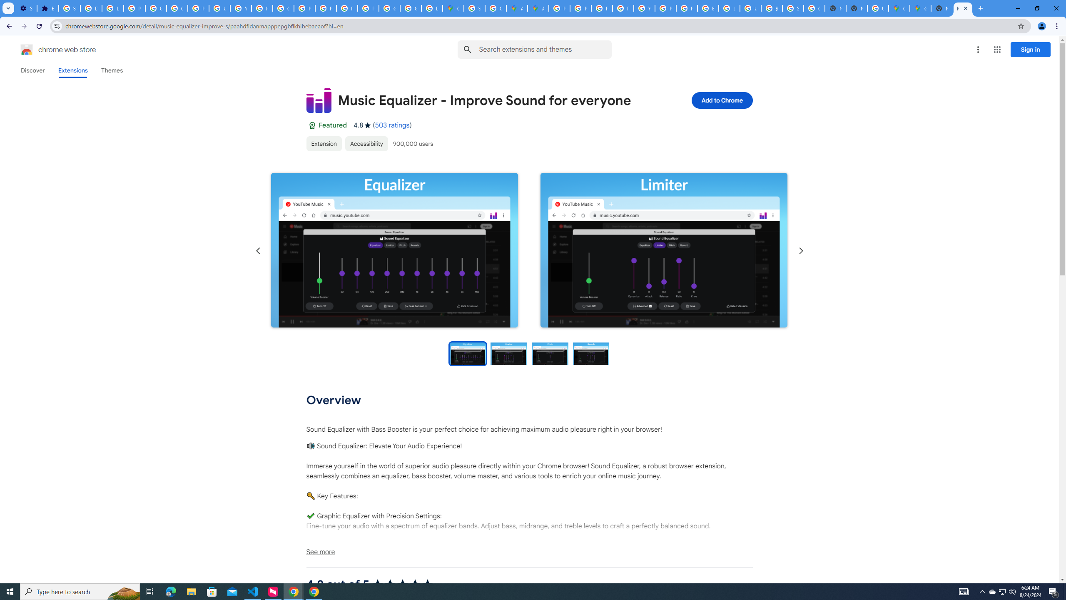  What do you see at coordinates (979, 8) in the screenshot?
I see `'New Tab'` at bounding box center [979, 8].